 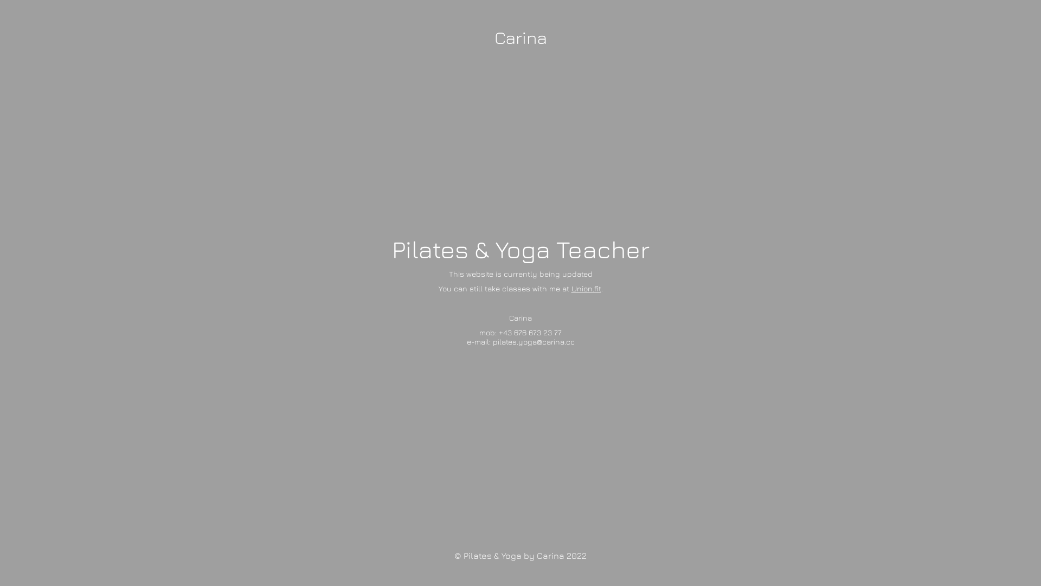 What do you see at coordinates (586, 287) in the screenshot?
I see `'Union.fit'` at bounding box center [586, 287].